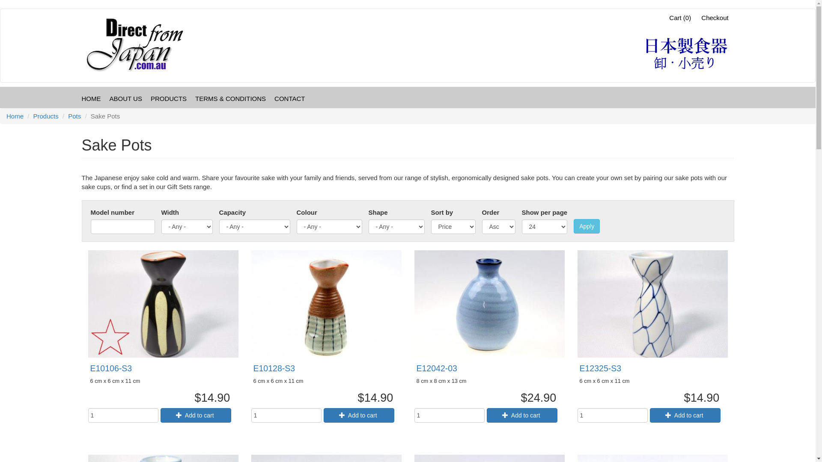  Describe the element at coordinates (110, 367) in the screenshot. I see `'E10106-S3'` at that location.